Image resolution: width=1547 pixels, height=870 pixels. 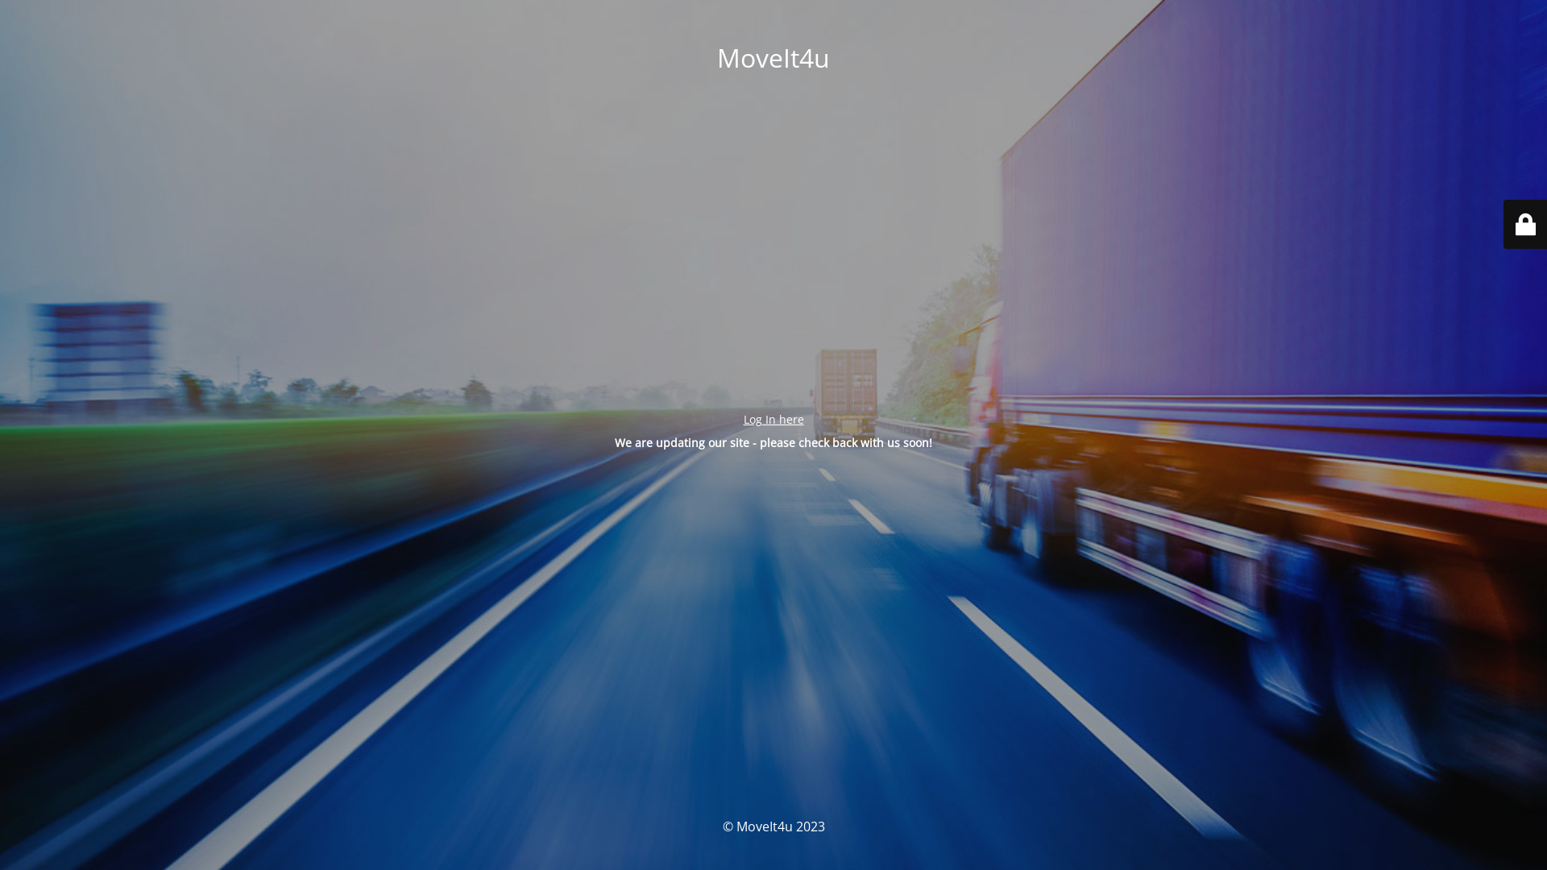 I want to click on 'Log In here', so click(x=772, y=418).